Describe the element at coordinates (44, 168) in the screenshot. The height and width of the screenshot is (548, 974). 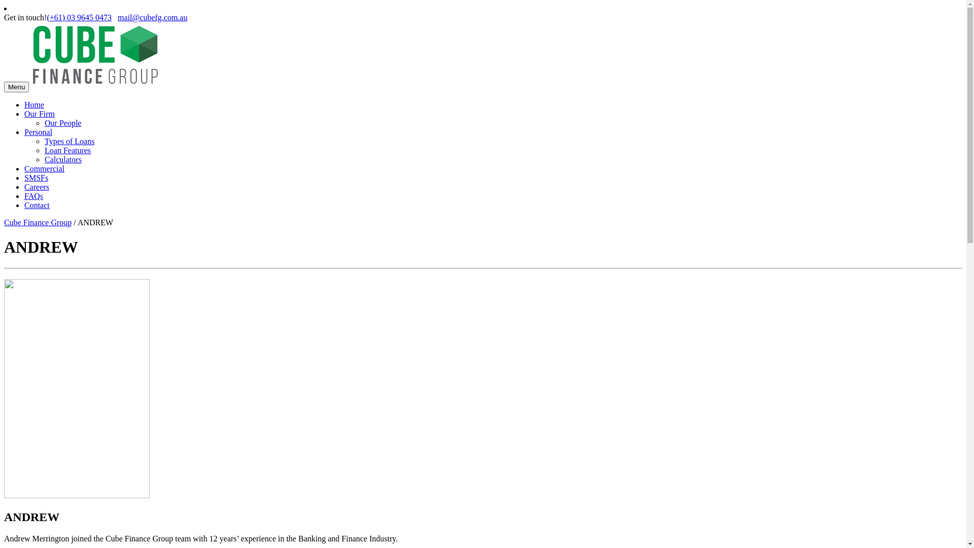
I see `'Commercial'` at that location.